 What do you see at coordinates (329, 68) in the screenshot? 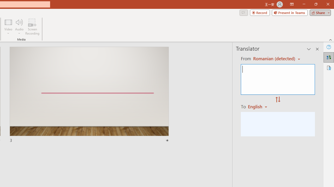
I see `'Accessibility'` at bounding box center [329, 68].